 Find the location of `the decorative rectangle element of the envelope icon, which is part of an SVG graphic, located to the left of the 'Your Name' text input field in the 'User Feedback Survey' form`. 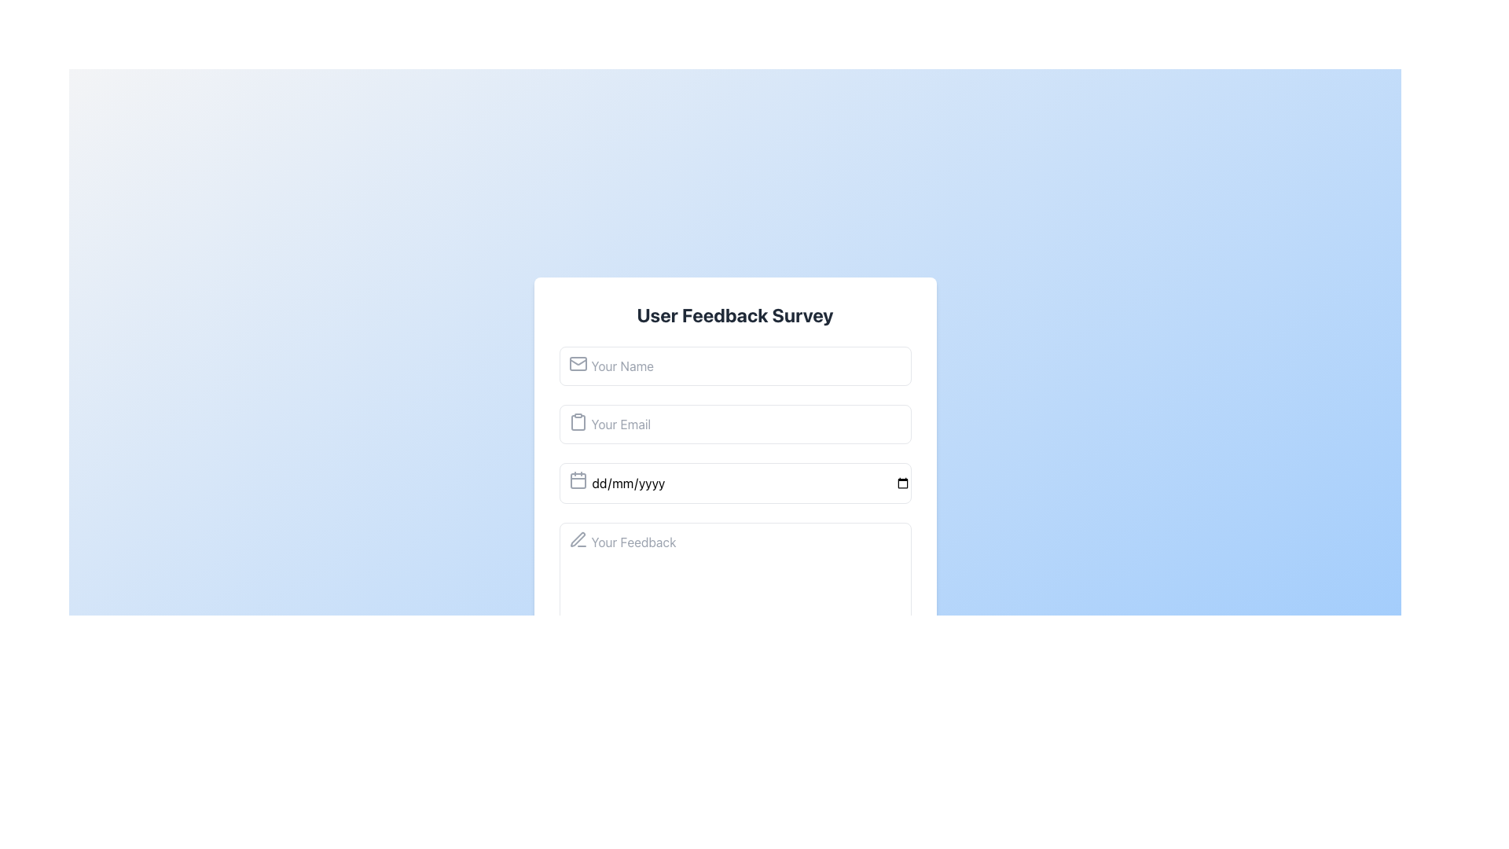

the decorative rectangle element of the envelope icon, which is part of an SVG graphic, located to the left of the 'Your Name' text input field in the 'User Feedback Survey' form is located at coordinates (577, 363).